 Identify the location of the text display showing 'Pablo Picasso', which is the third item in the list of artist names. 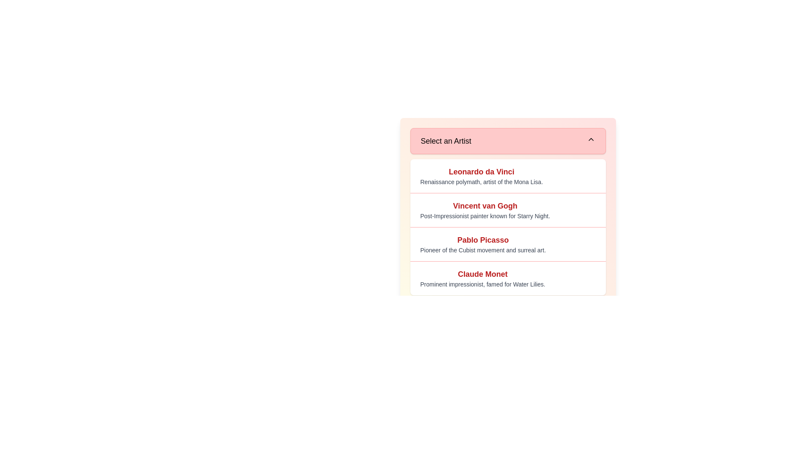
(483, 240).